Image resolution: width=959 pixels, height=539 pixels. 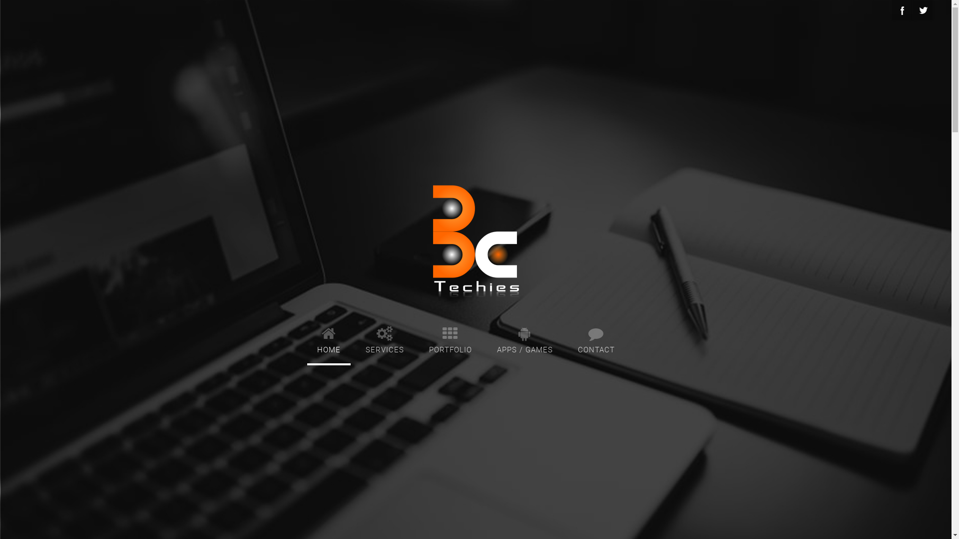 What do you see at coordinates (450, 338) in the screenshot?
I see `'PORTFOLIO'` at bounding box center [450, 338].